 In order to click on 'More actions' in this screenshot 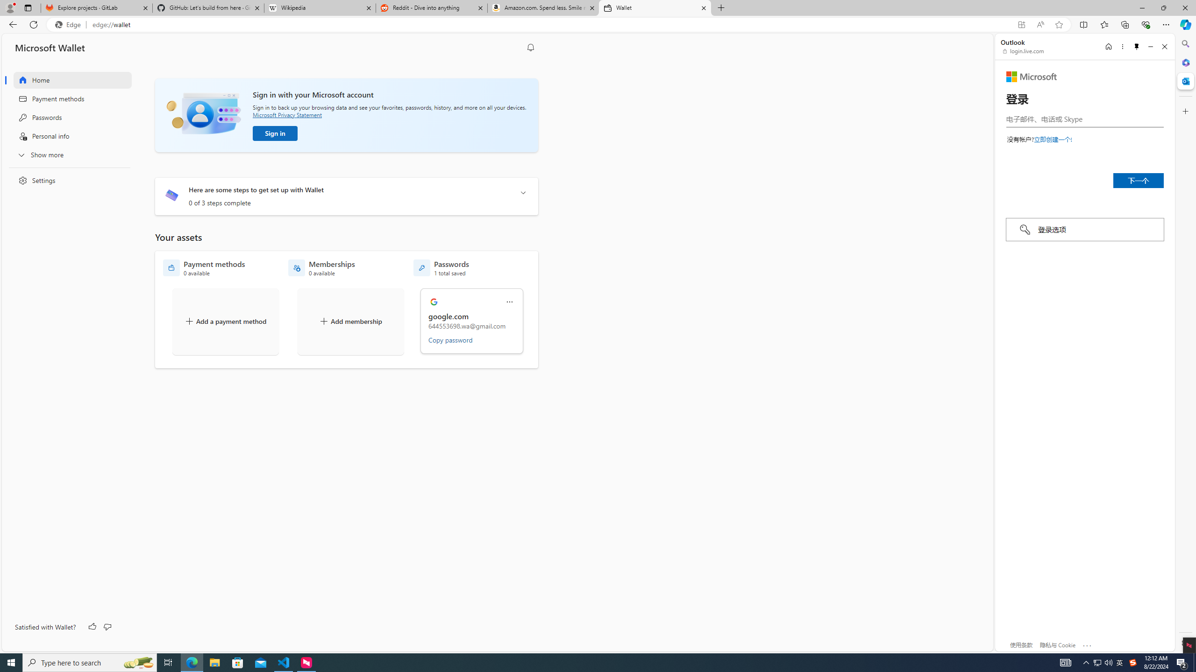, I will do `click(509, 302)`.